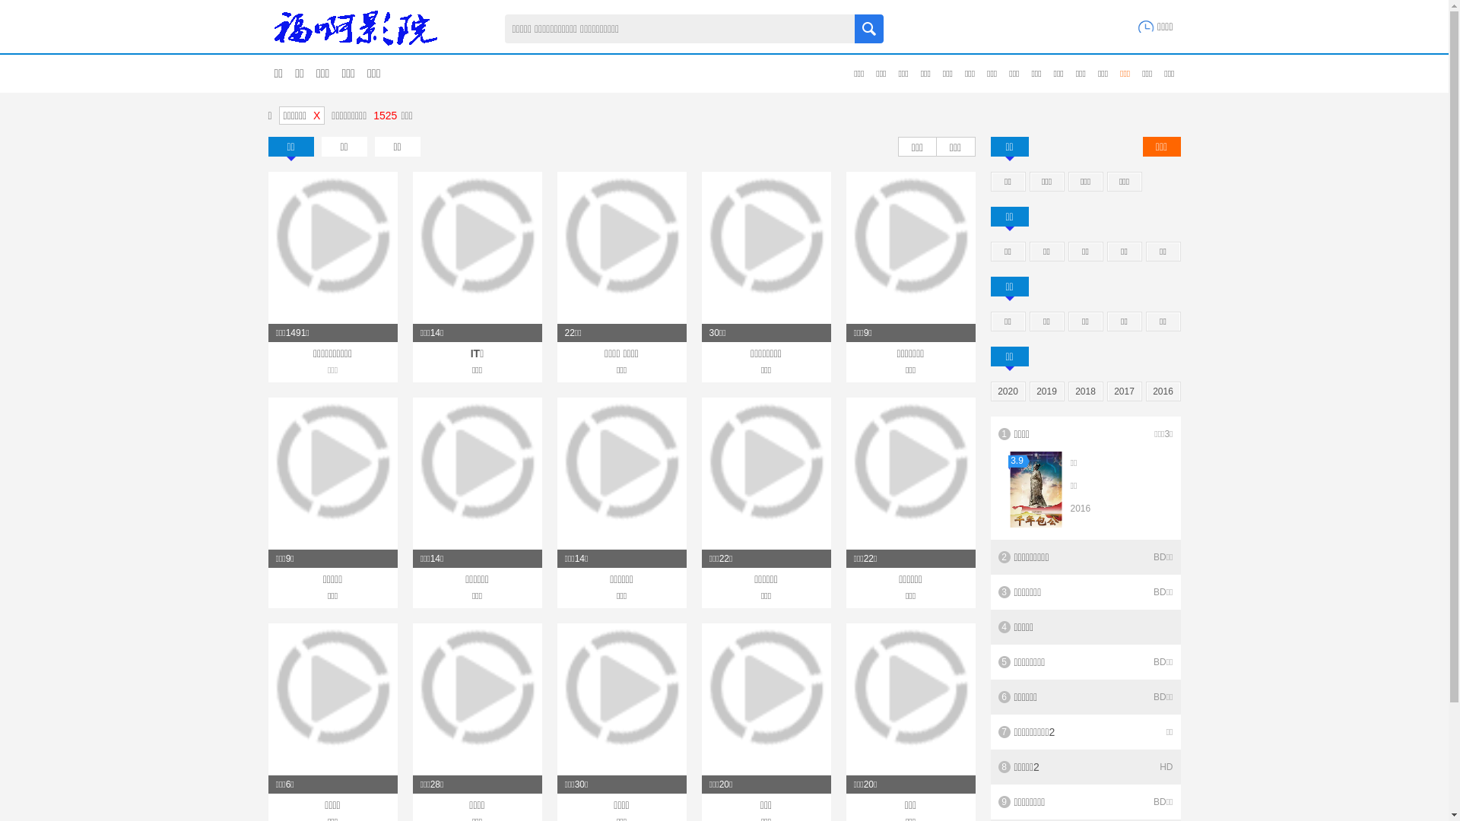  I want to click on '2019', so click(1046, 391).